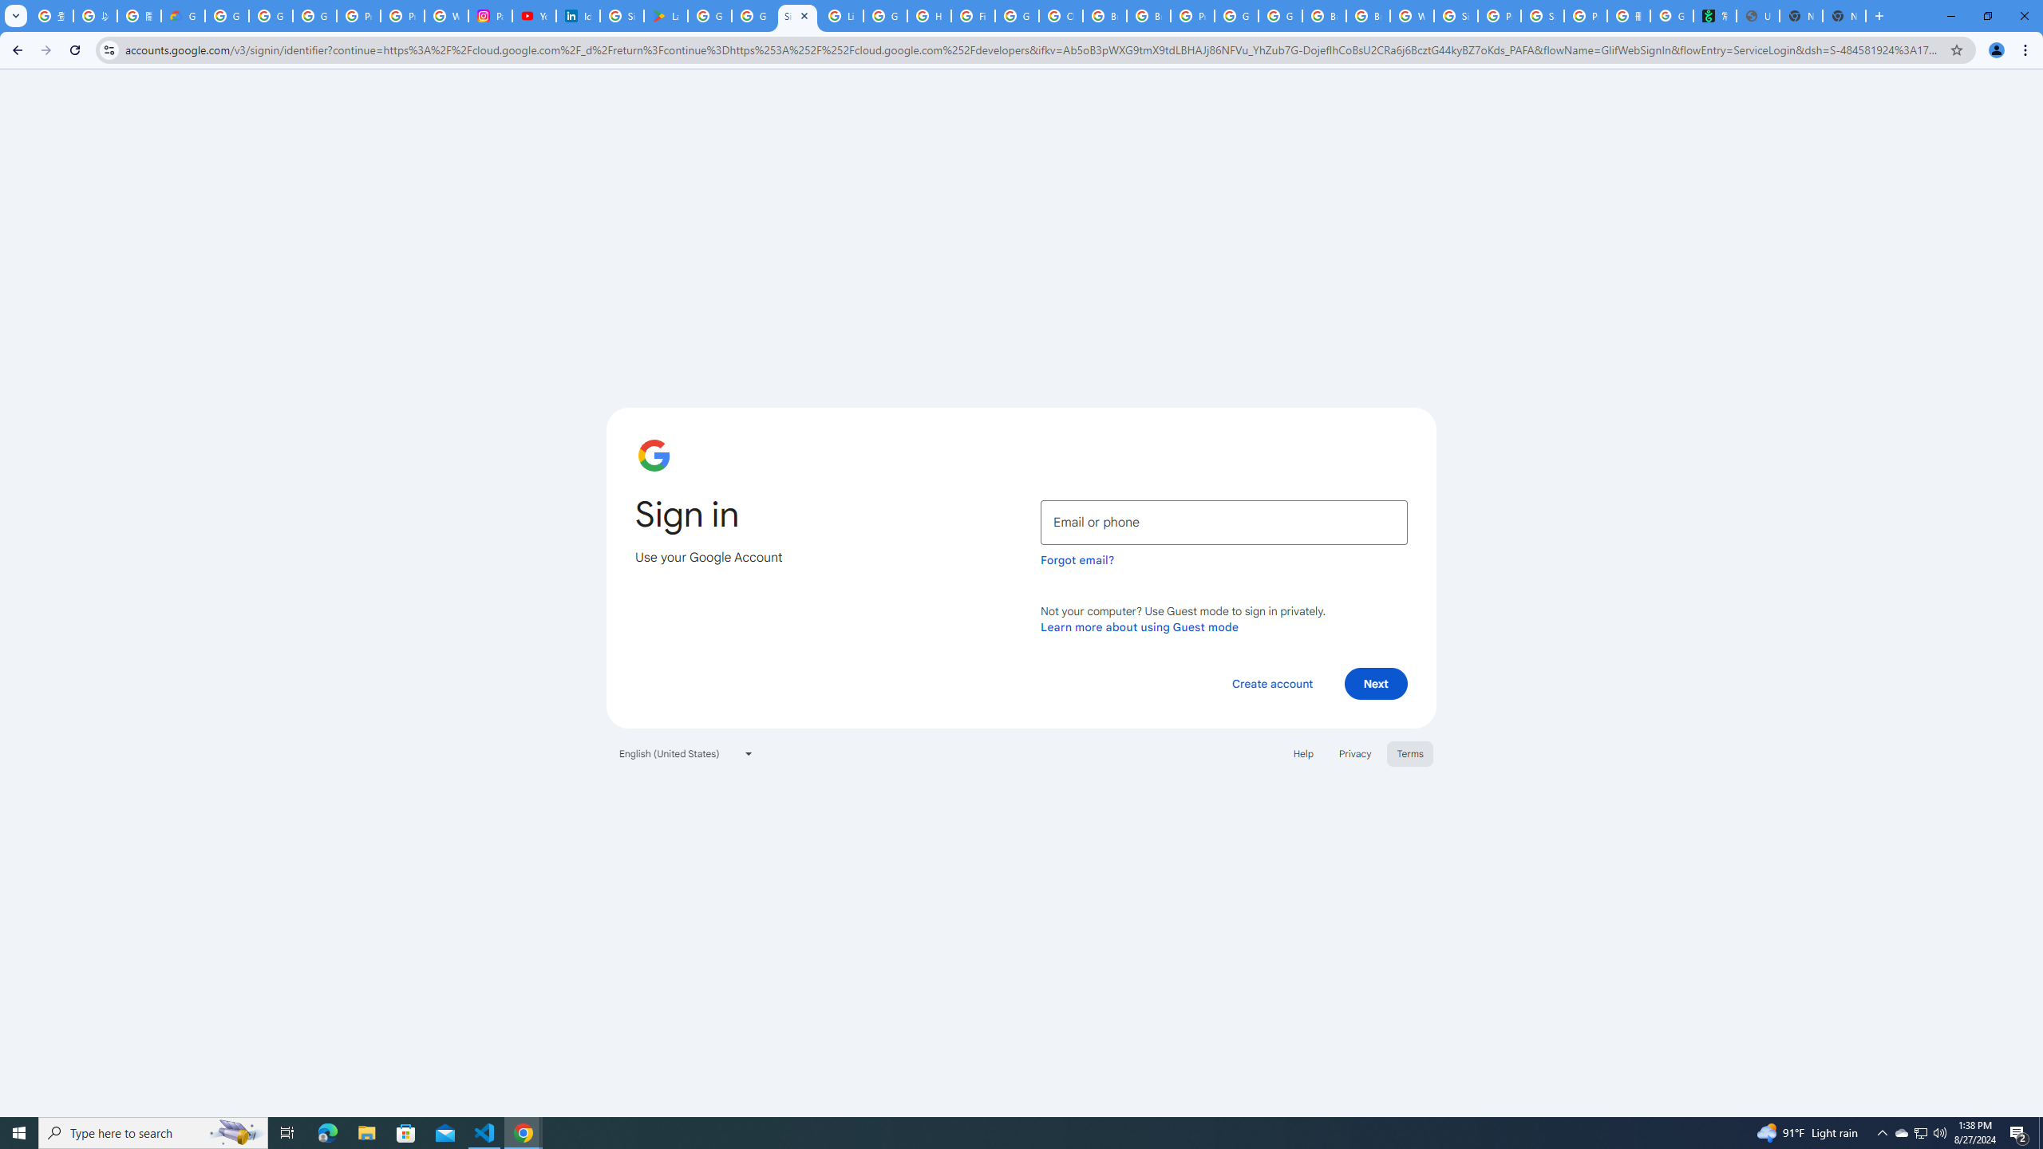 The height and width of the screenshot is (1149, 2043). Describe the element at coordinates (1104, 15) in the screenshot. I see `'Browse Chrome as a guest - Computer - Google Chrome Help'` at that location.